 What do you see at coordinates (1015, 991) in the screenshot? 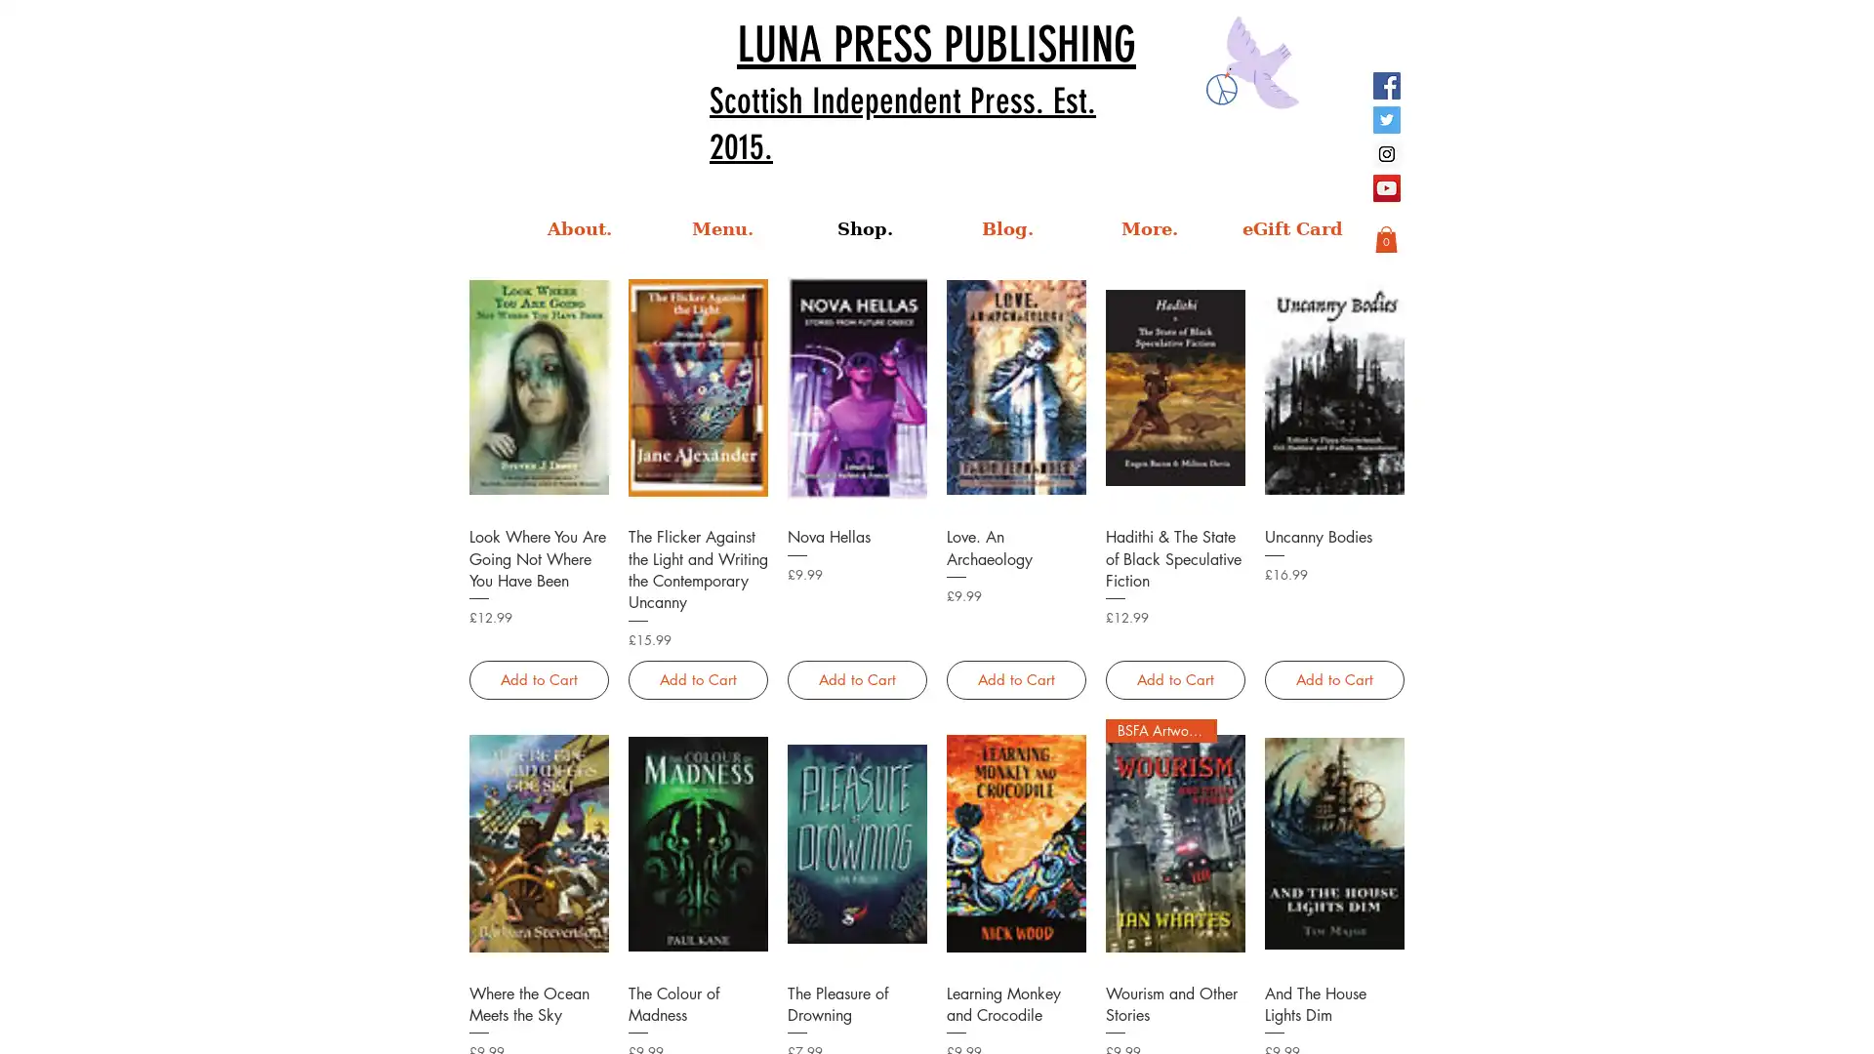
I see `Quick View` at bounding box center [1015, 991].